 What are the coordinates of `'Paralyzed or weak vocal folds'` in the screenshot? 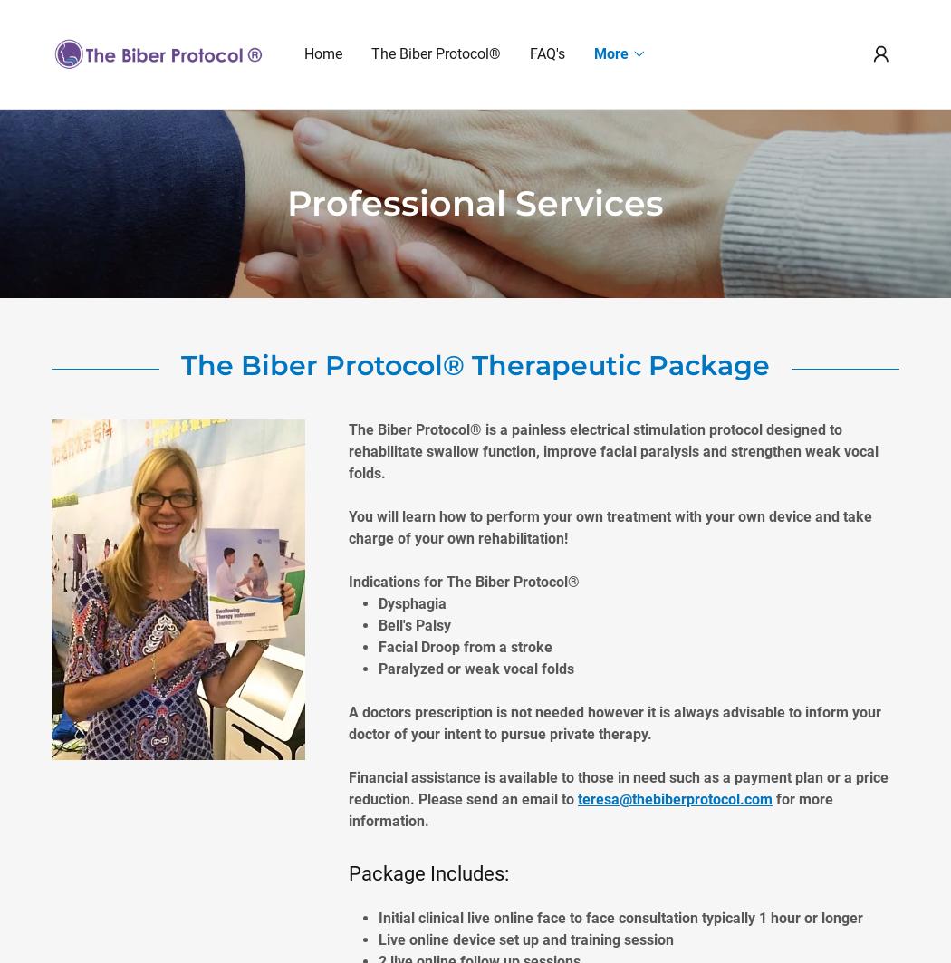 It's located at (475, 667).